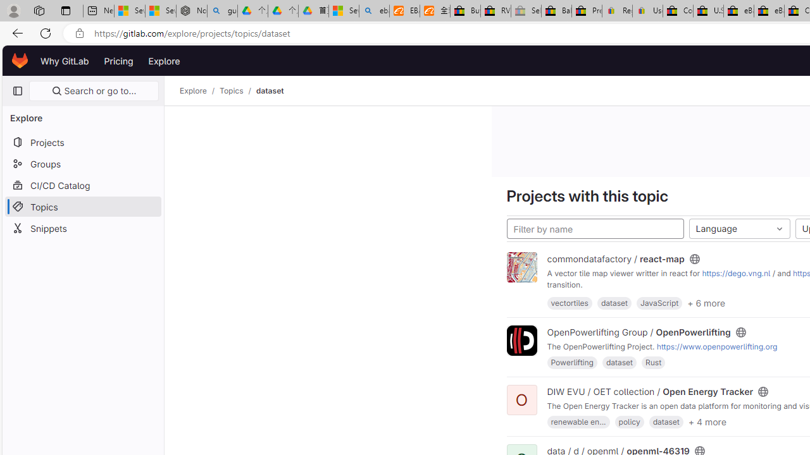  I want to click on 'https://www.openpowerlifting.org', so click(716, 347).